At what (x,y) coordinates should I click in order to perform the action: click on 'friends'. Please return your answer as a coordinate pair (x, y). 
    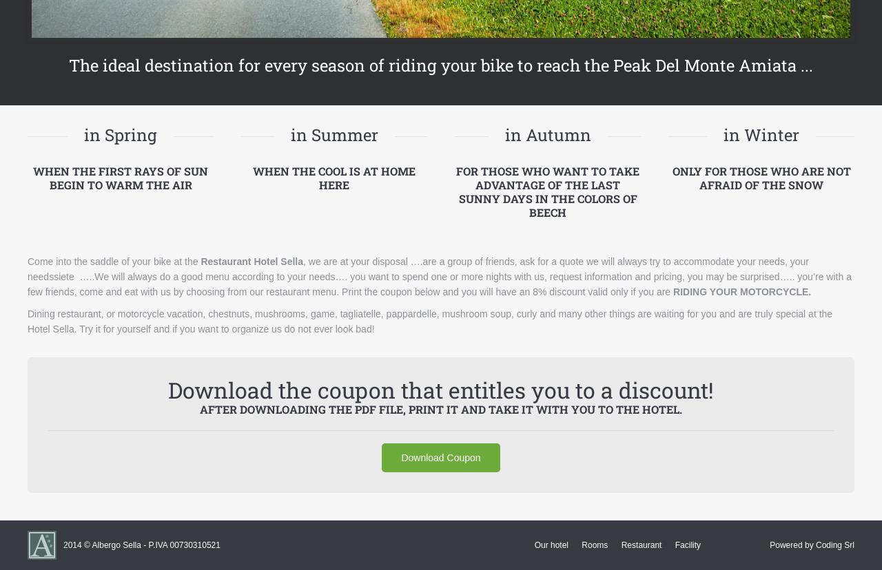
    Looking at the image, I should click on (498, 260).